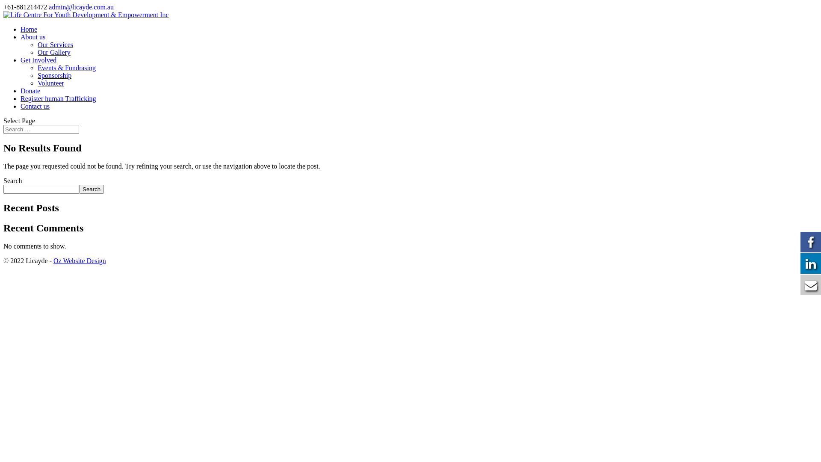  I want to click on 'Our Gallery', so click(53, 52).